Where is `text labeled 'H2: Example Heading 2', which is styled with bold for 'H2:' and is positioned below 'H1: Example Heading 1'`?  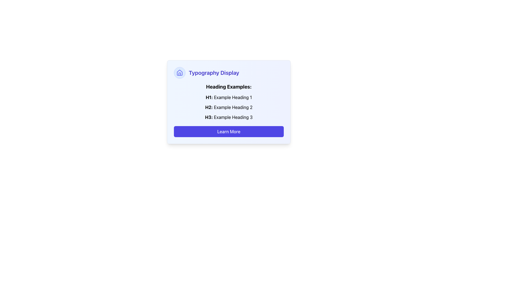
text labeled 'H2: Example Heading 2', which is styled with bold for 'H2:' and is positioned below 'H1: Example Heading 1' is located at coordinates (229, 107).